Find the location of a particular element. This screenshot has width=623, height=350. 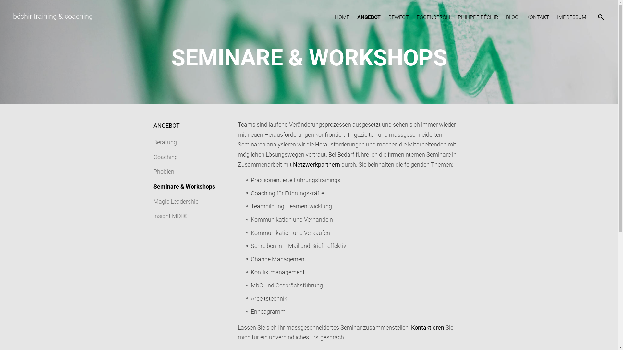

'ANGEBOT' is located at coordinates (166, 125).